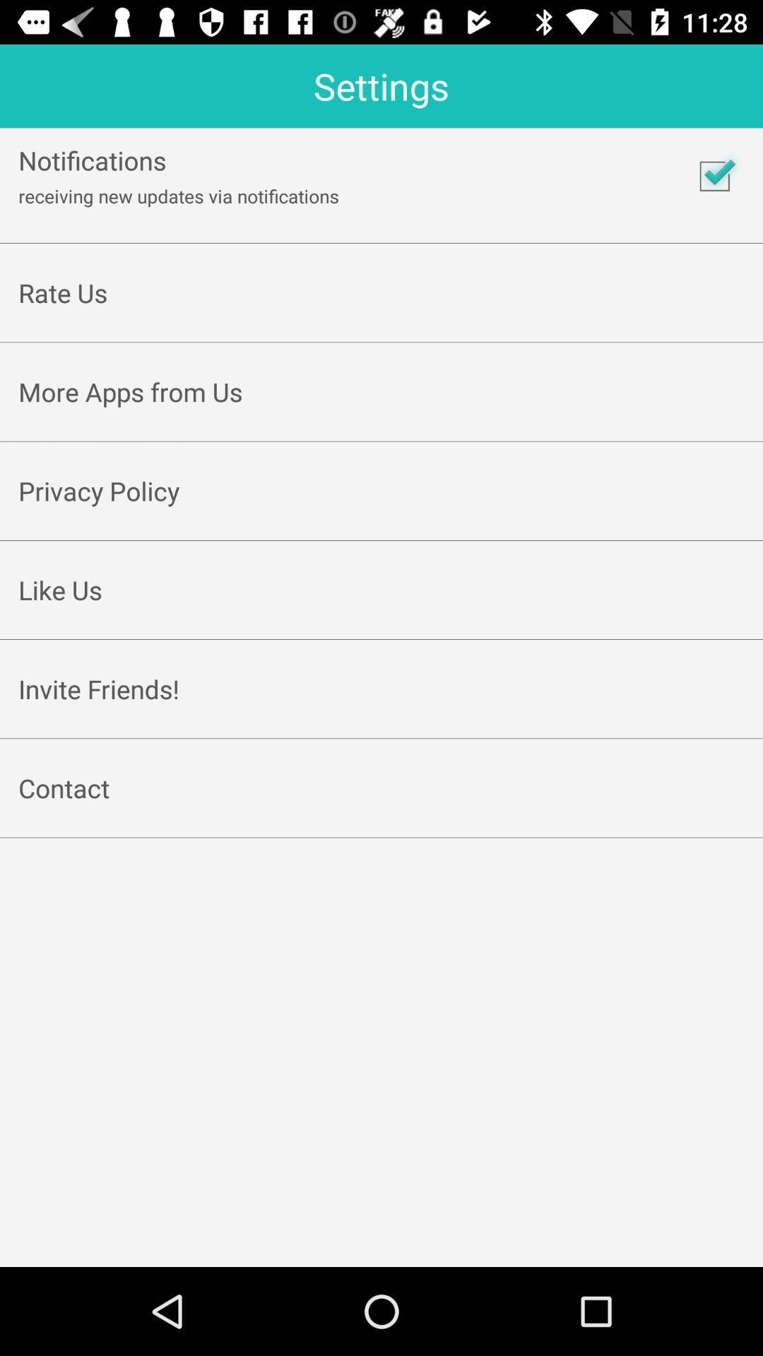 Image resolution: width=763 pixels, height=1356 pixels. I want to click on checkbox at the top right corner, so click(714, 175).